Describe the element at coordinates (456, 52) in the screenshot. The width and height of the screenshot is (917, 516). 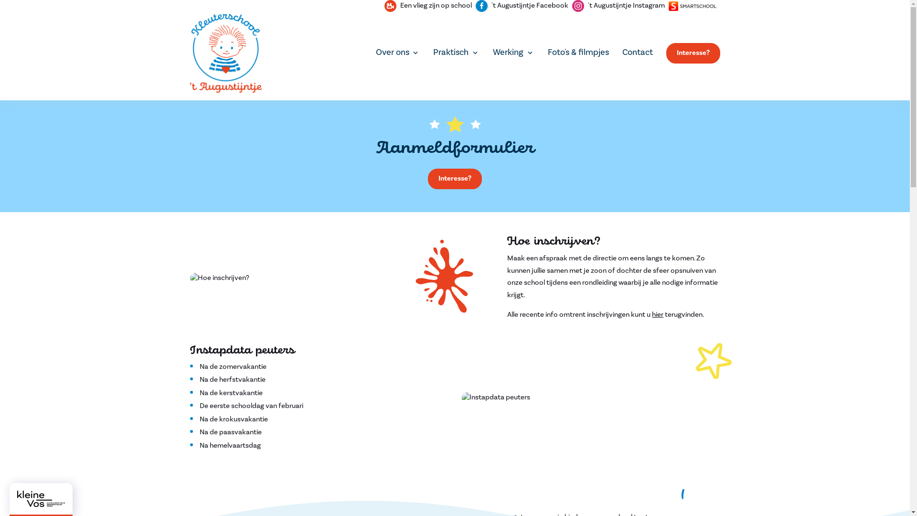
I see `'Praktisch'` at that location.